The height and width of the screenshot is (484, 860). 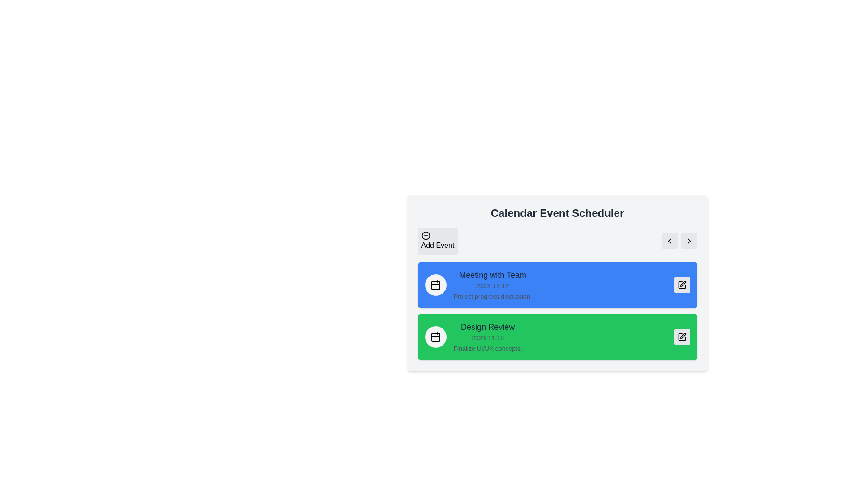 What do you see at coordinates (425, 235) in the screenshot?
I see `the circular outline of the 'Add Event' button, which features a black border and is part of a plus sign icon located at the upper-left corner of the interface` at bounding box center [425, 235].